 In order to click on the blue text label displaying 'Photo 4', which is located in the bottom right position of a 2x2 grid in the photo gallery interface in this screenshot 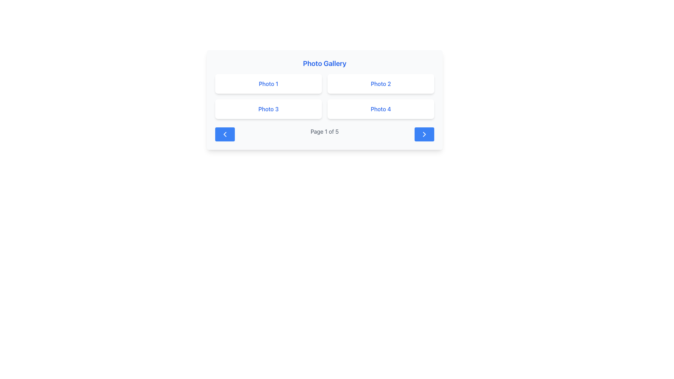, I will do `click(380, 109)`.